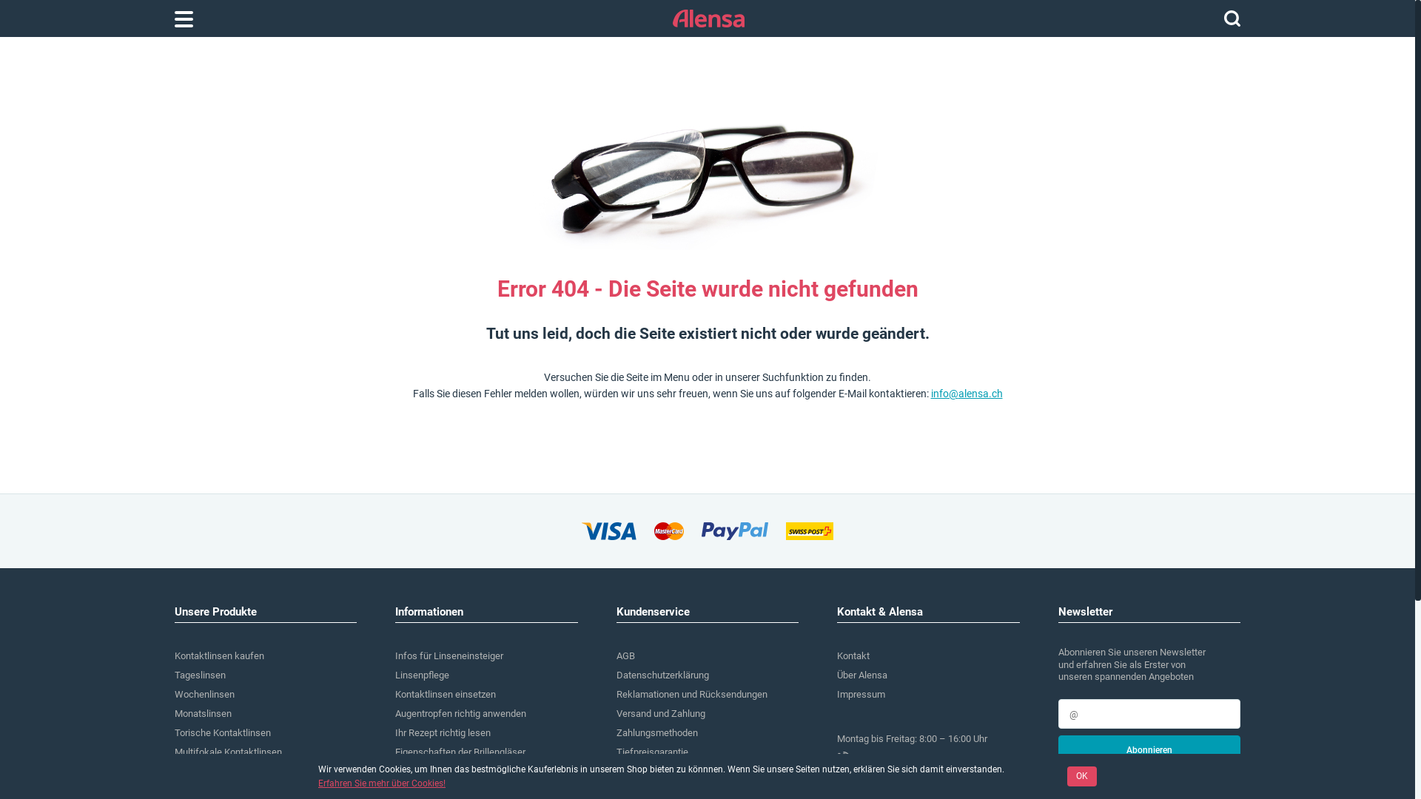 This screenshot has height=799, width=1421. I want to click on 'Versand und Zahlung', so click(617, 712).